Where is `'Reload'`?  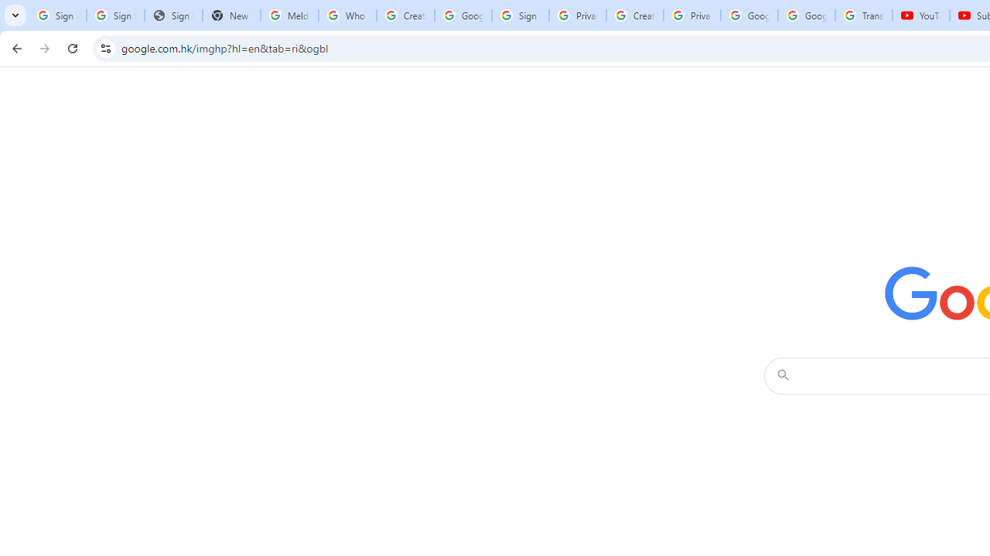
'Reload' is located at coordinates (72, 47).